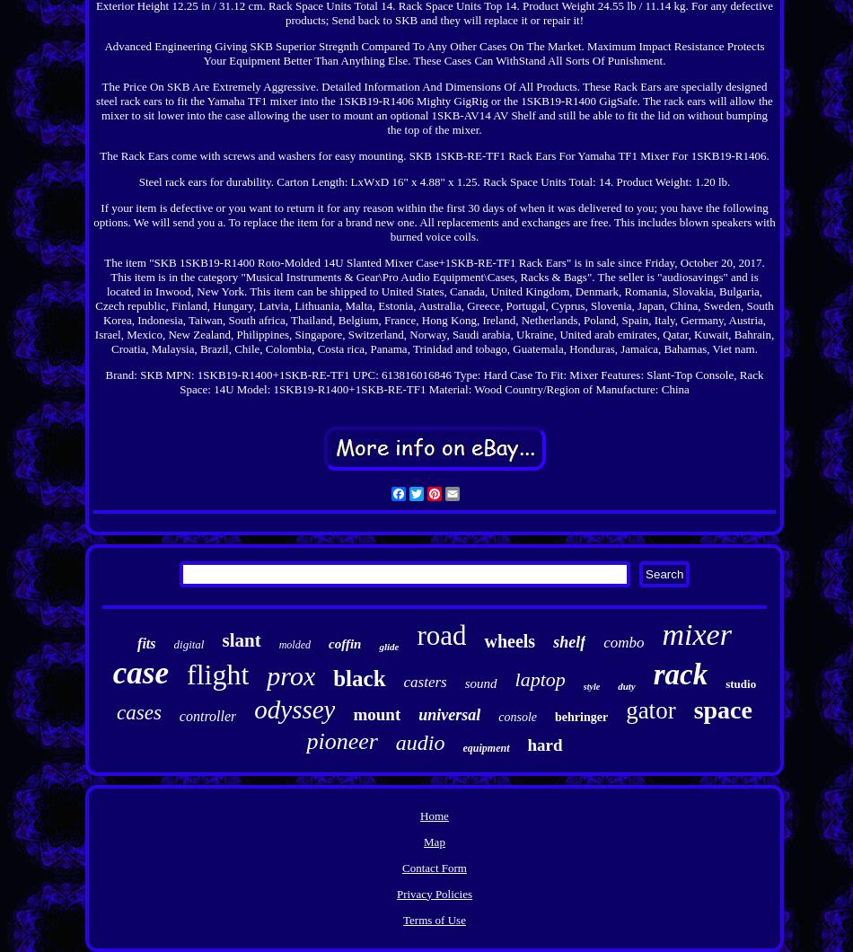 The width and height of the screenshot is (853, 952). I want to click on 'console', so click(497, 716).